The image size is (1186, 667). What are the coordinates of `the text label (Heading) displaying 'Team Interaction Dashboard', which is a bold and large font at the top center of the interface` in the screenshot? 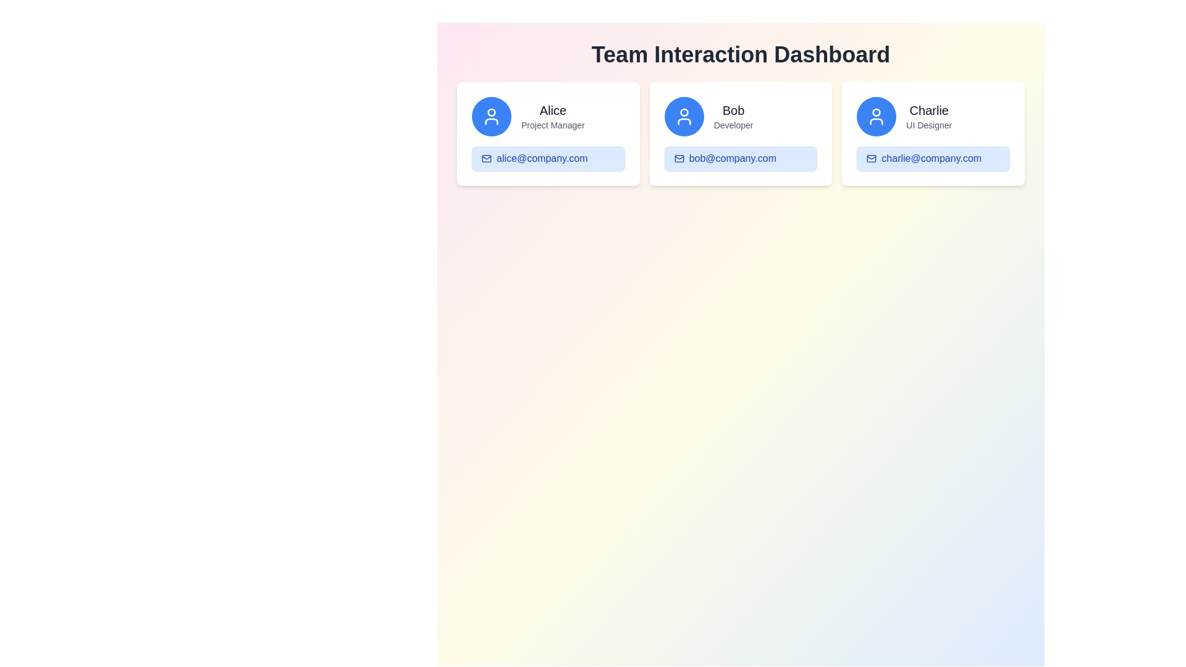 It's located at (741, 54).